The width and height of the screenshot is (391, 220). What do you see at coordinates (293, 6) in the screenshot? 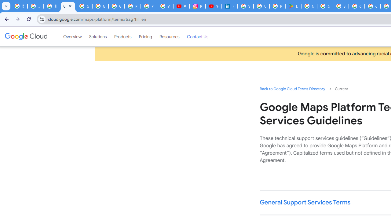
I see `'Last Shelter: Survival - Apps on Google Play'` at bounding box center [293, 6].